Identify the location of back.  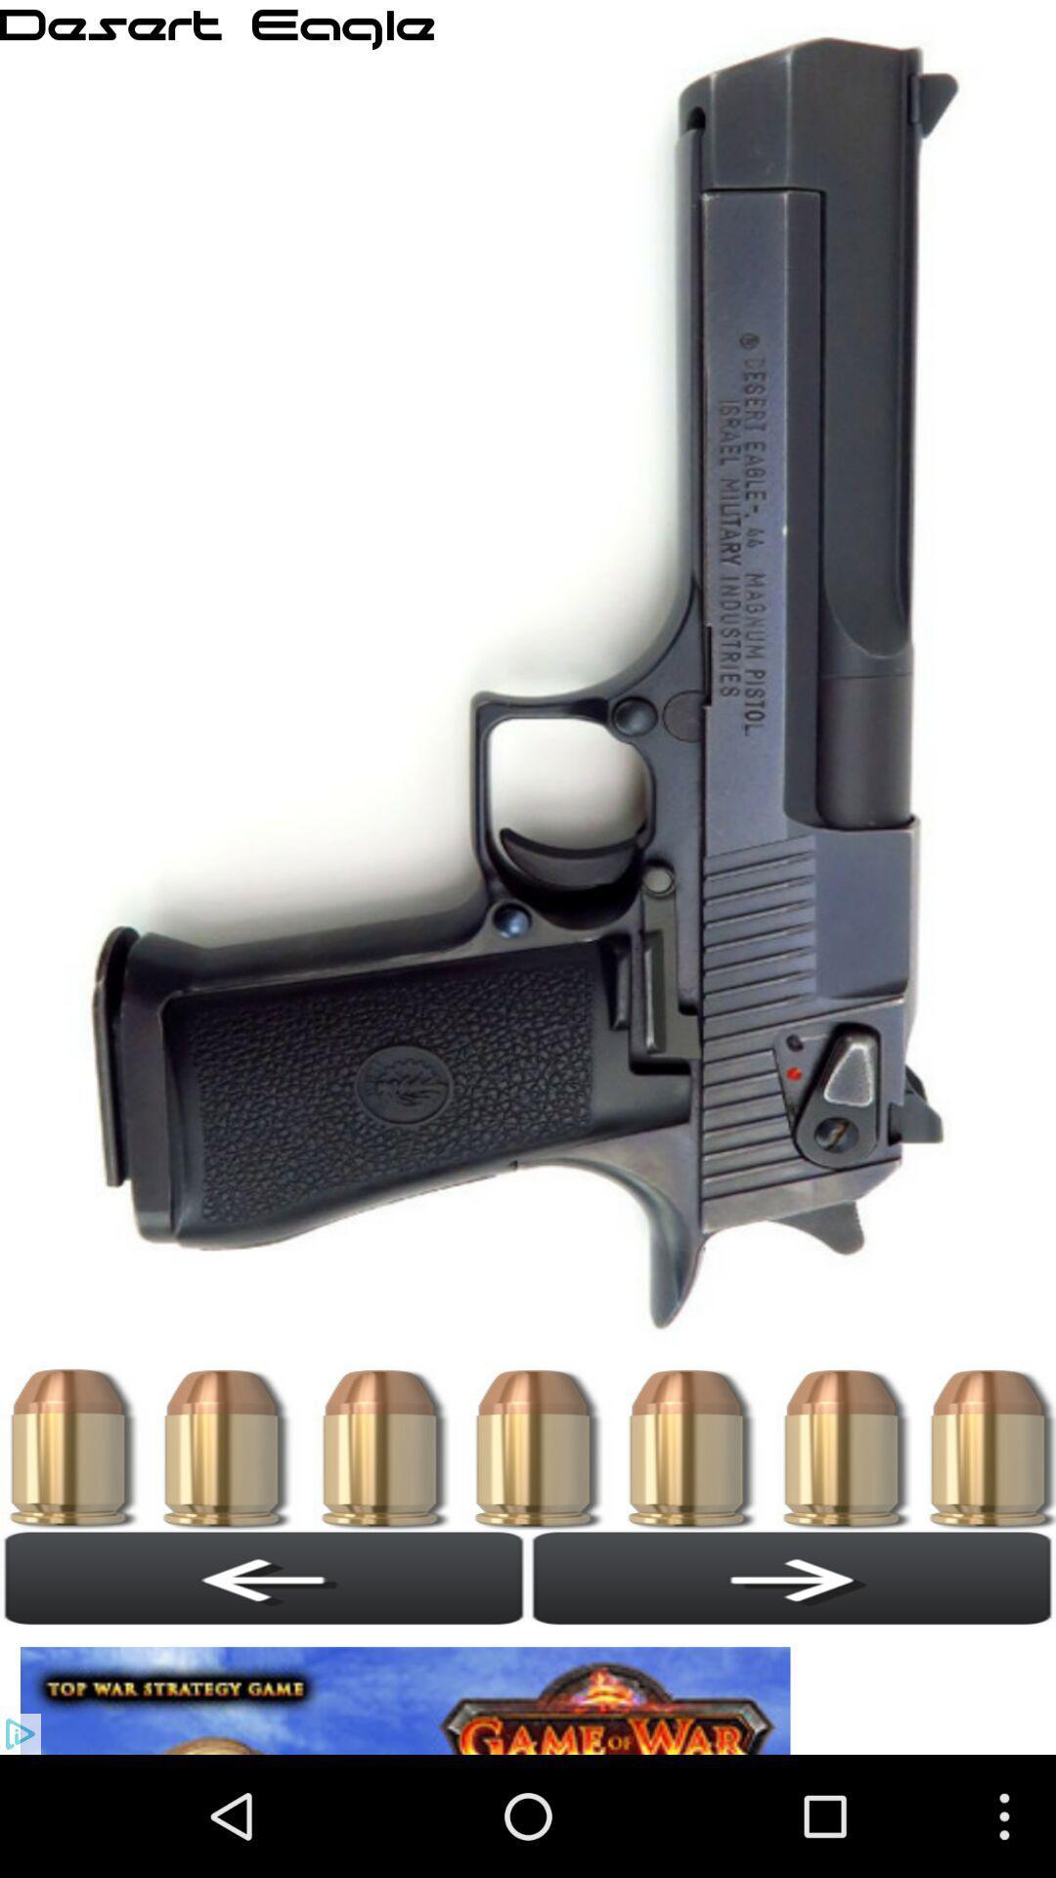
(264, 1578).